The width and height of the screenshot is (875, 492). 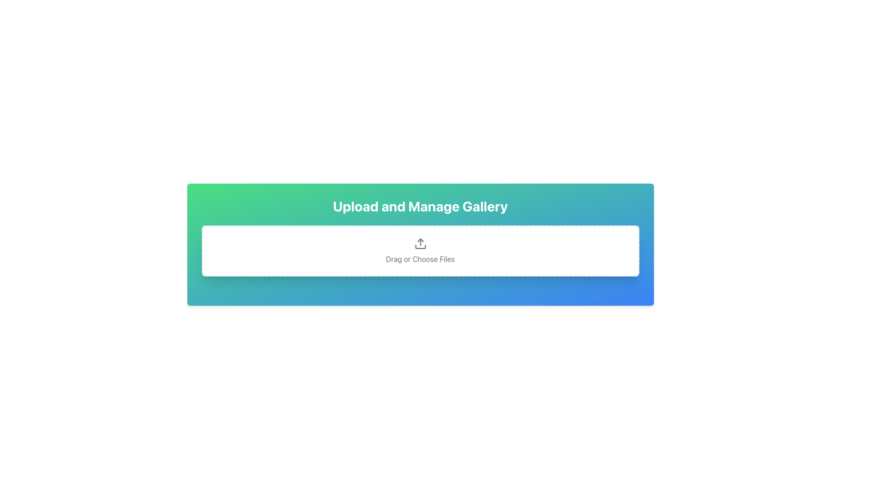 I want to click on and drop files into the drag-and-drop file upload zone element, which is a rectangular area with a white background, bordered by a dashed line, containing an upward-pointing arrow icon and the text 'Drag or Choose Files', so click(x=420, y=251).